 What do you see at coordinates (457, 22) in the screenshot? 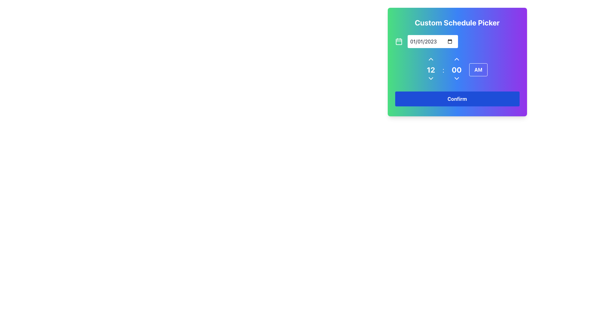
I see `the text header labeled 'Custom Schedule Picker' which is prominently displayed at the top center of the card interface` at bounding box center [457, 22].